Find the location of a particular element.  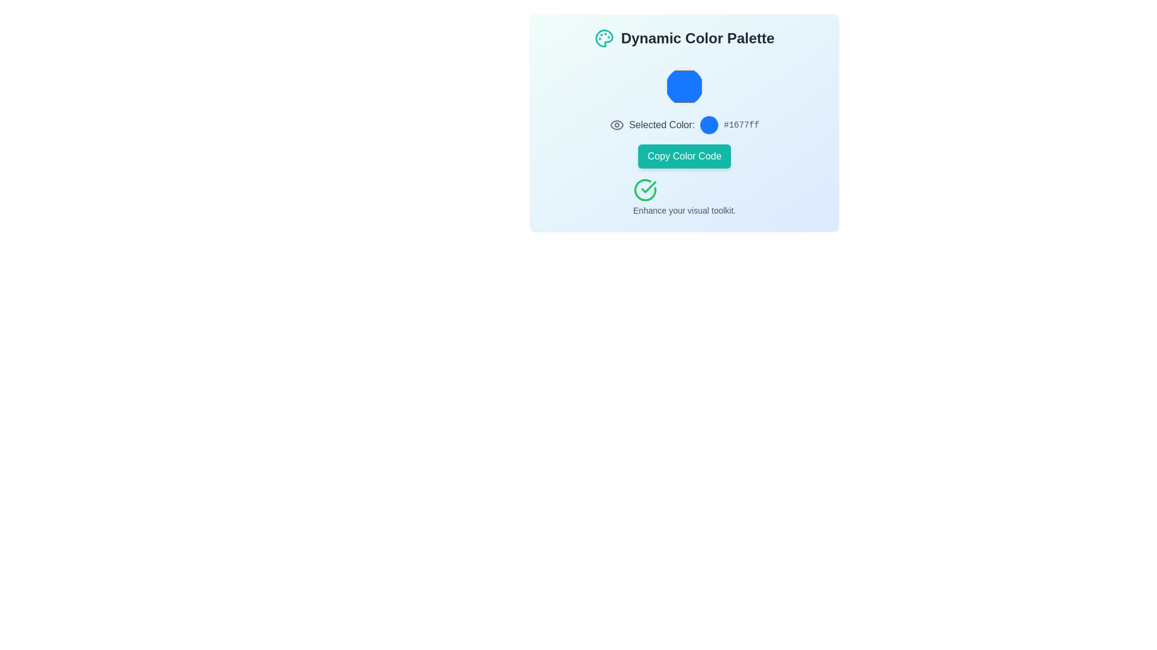

the text label that indicates the context of the displayed color information, positioned between an eye icon and a circular color swatch is located at coordinates (661, 125).